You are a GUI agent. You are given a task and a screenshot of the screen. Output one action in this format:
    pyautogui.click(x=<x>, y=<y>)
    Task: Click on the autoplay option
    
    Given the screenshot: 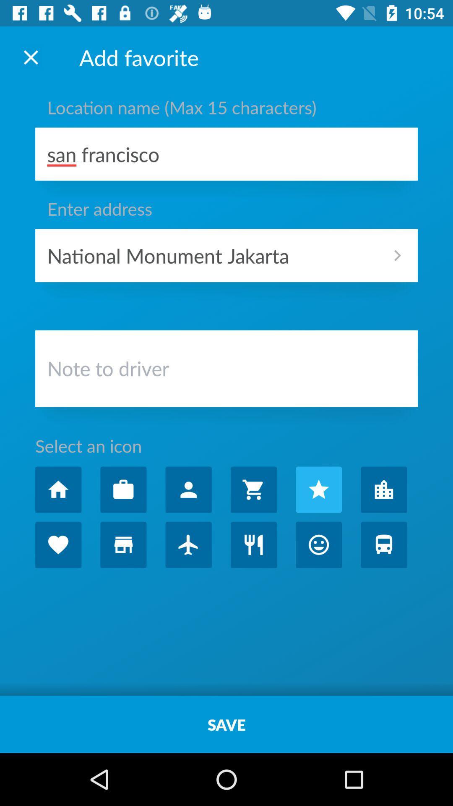 What is the action you would take?
    pyautogui.click(x=384, y=489)
    